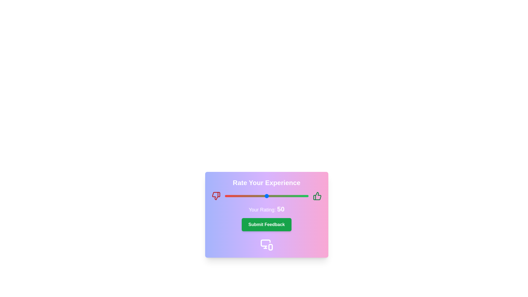  I want to click on the slider to a specific rating value, 84, so click(295, 196).